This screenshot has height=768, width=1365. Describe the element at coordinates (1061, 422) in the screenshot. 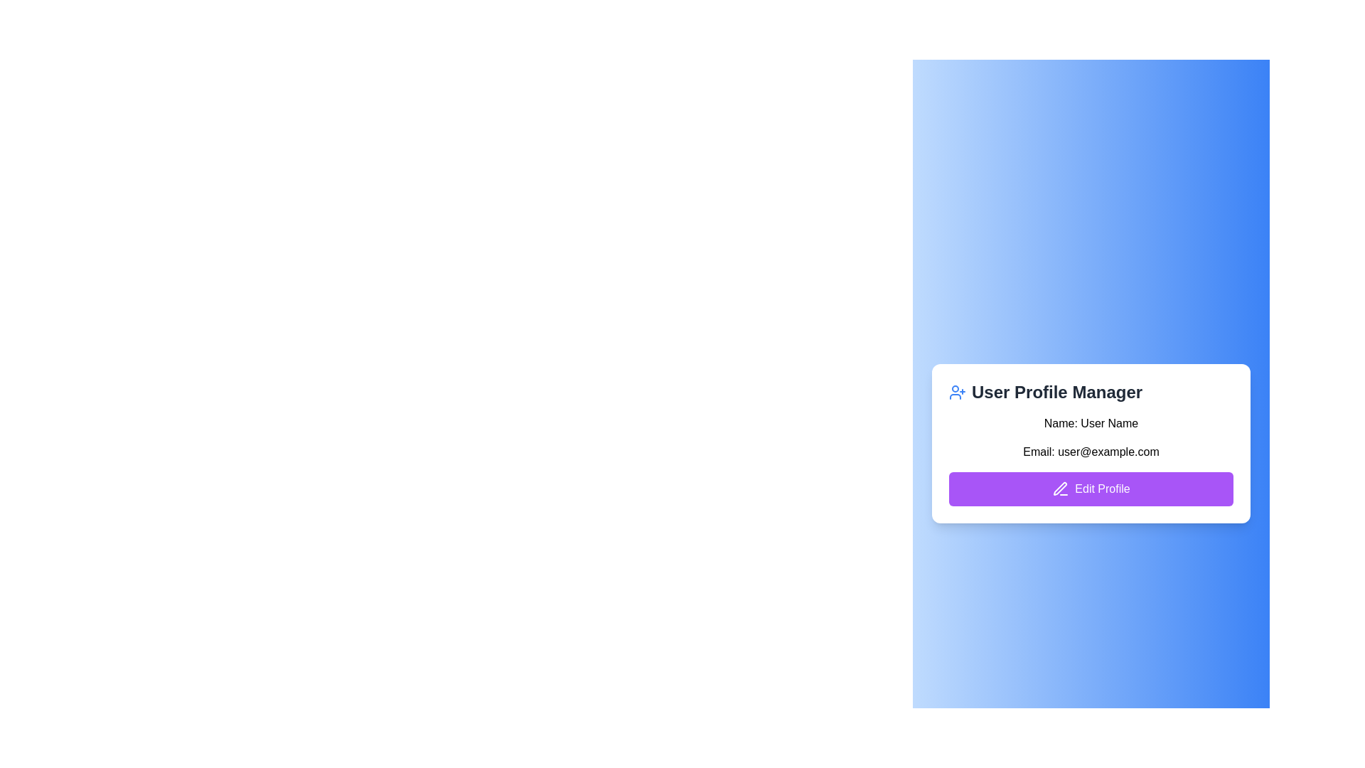

I see `the label that identifies the user name, which is aligned to the left of the 'User Name' text and positioned below the 'User Profile Manager' heading` at that location.